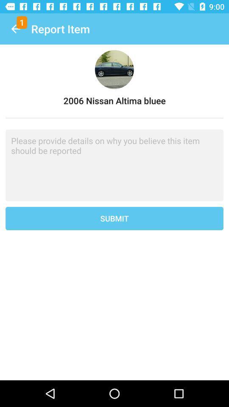 Image resolution: width=229 pixels, height=407 pixels. Describe the element at coordinates (15, 29) in the screenshot. I see `the icon to the left of report item item` at that location.